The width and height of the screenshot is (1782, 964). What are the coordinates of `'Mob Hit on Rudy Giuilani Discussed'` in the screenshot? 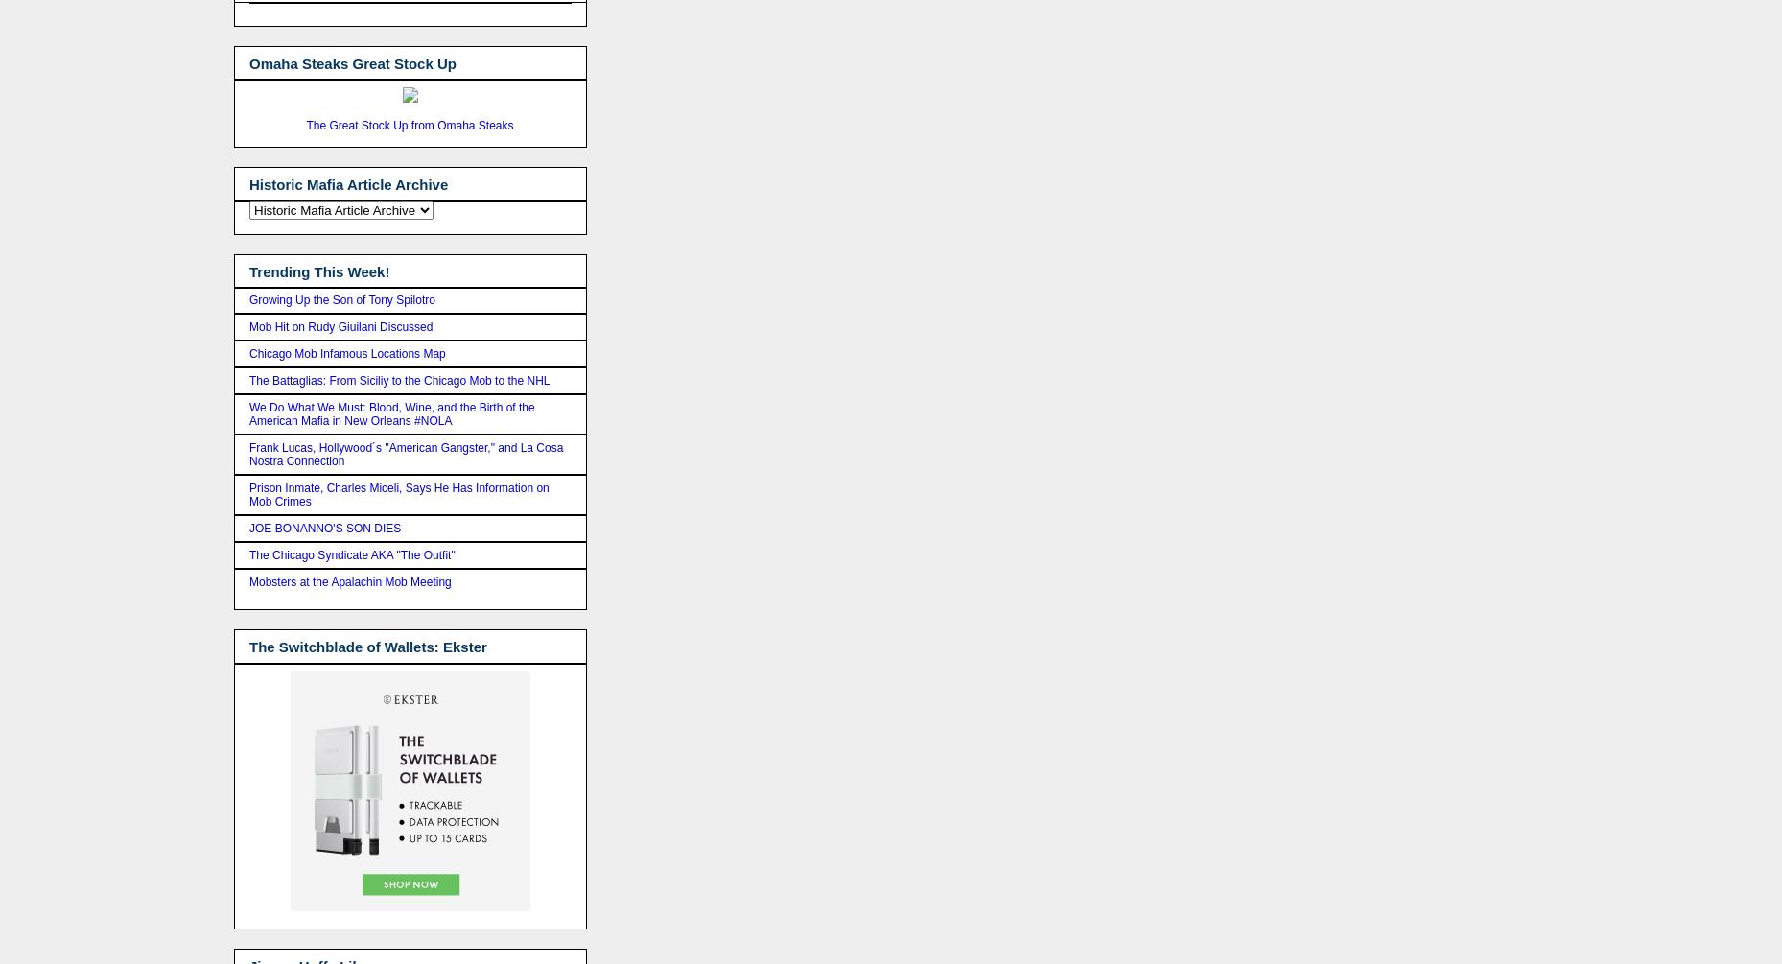 It's located at (340, 326).